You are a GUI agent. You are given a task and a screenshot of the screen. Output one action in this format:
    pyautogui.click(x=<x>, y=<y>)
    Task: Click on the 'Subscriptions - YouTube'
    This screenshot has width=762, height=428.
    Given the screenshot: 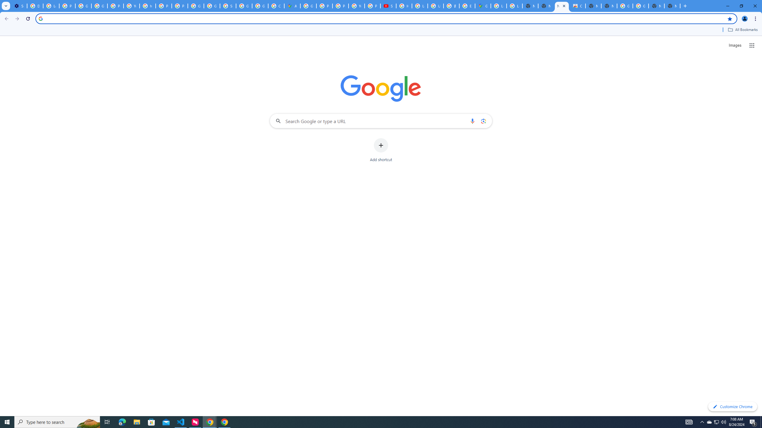 What is the action you would take?
    pyautogui.click(x=388, y=6)
    